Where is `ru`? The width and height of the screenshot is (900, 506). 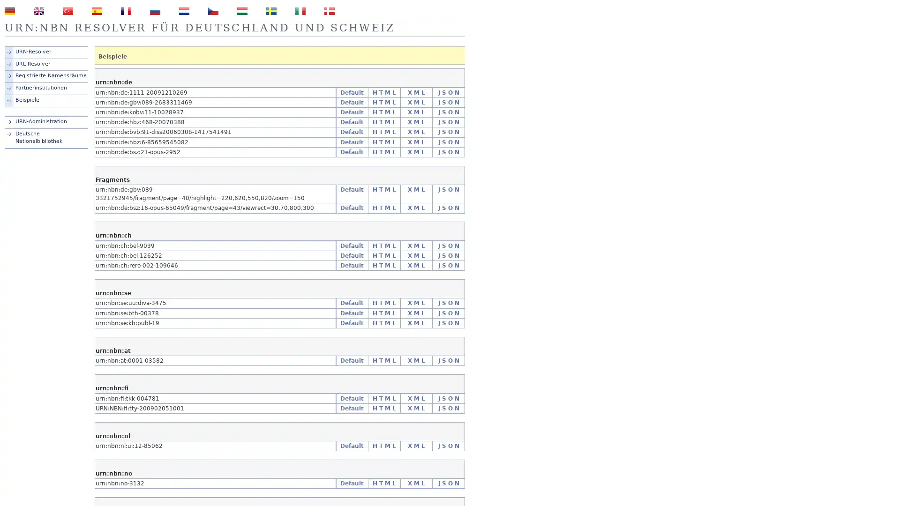 ru is located at coordinates (155, 11).